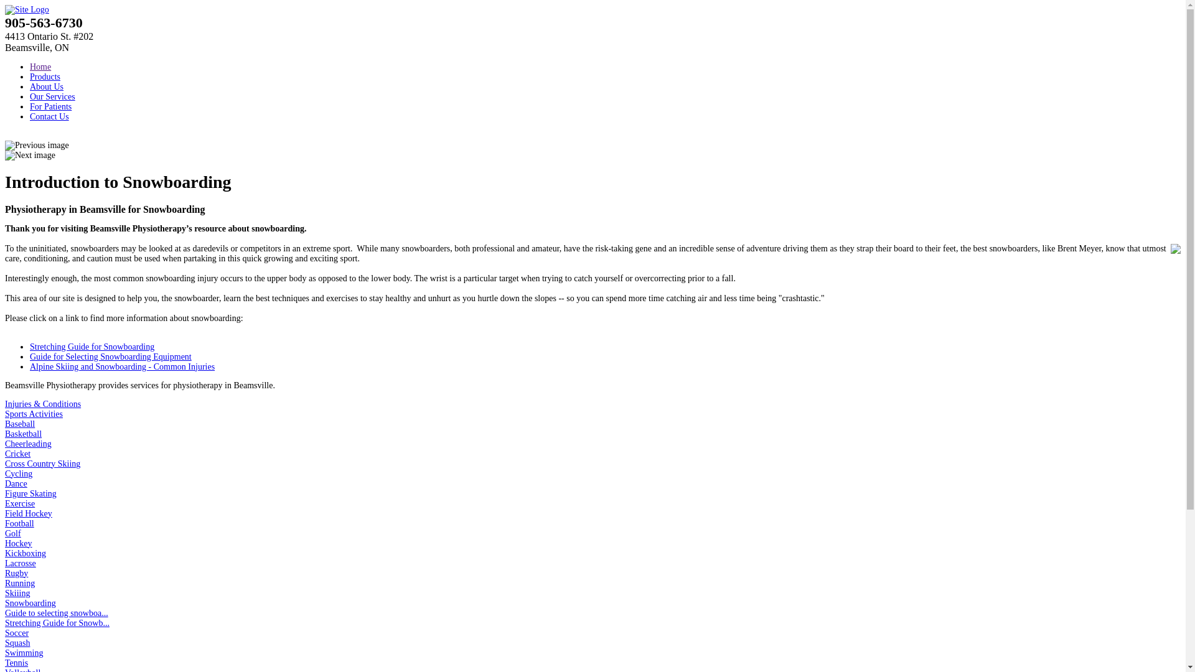 The image size is (1195, 672). What do you see at coordinates (5, 404) in the screenshot?
I see `'Injuries & Conditions'` at bounding box center [5, 404].